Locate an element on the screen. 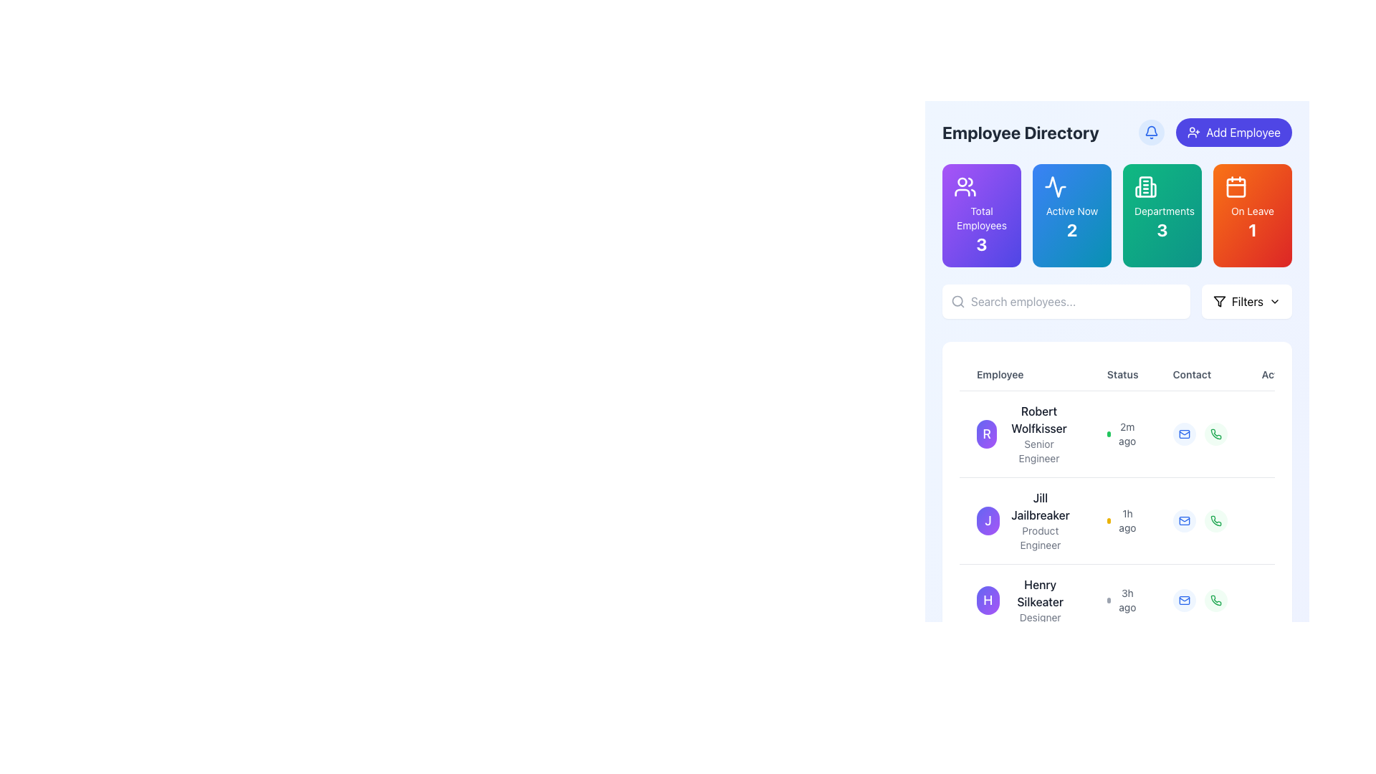 This screenshot has width=1376, height=774. the 'Filters' text label, which is displayed in a sans-serif font and located in a curved rectangle towards the upper-right region of the interface is located at coordinates (1246, 300).